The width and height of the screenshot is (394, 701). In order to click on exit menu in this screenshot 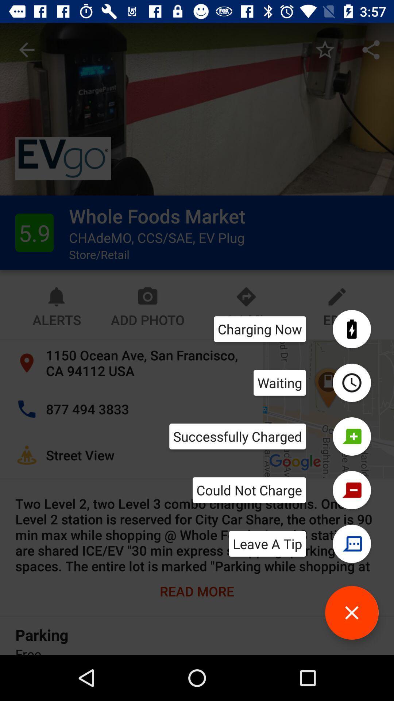, I will do `click(351, 613)`.